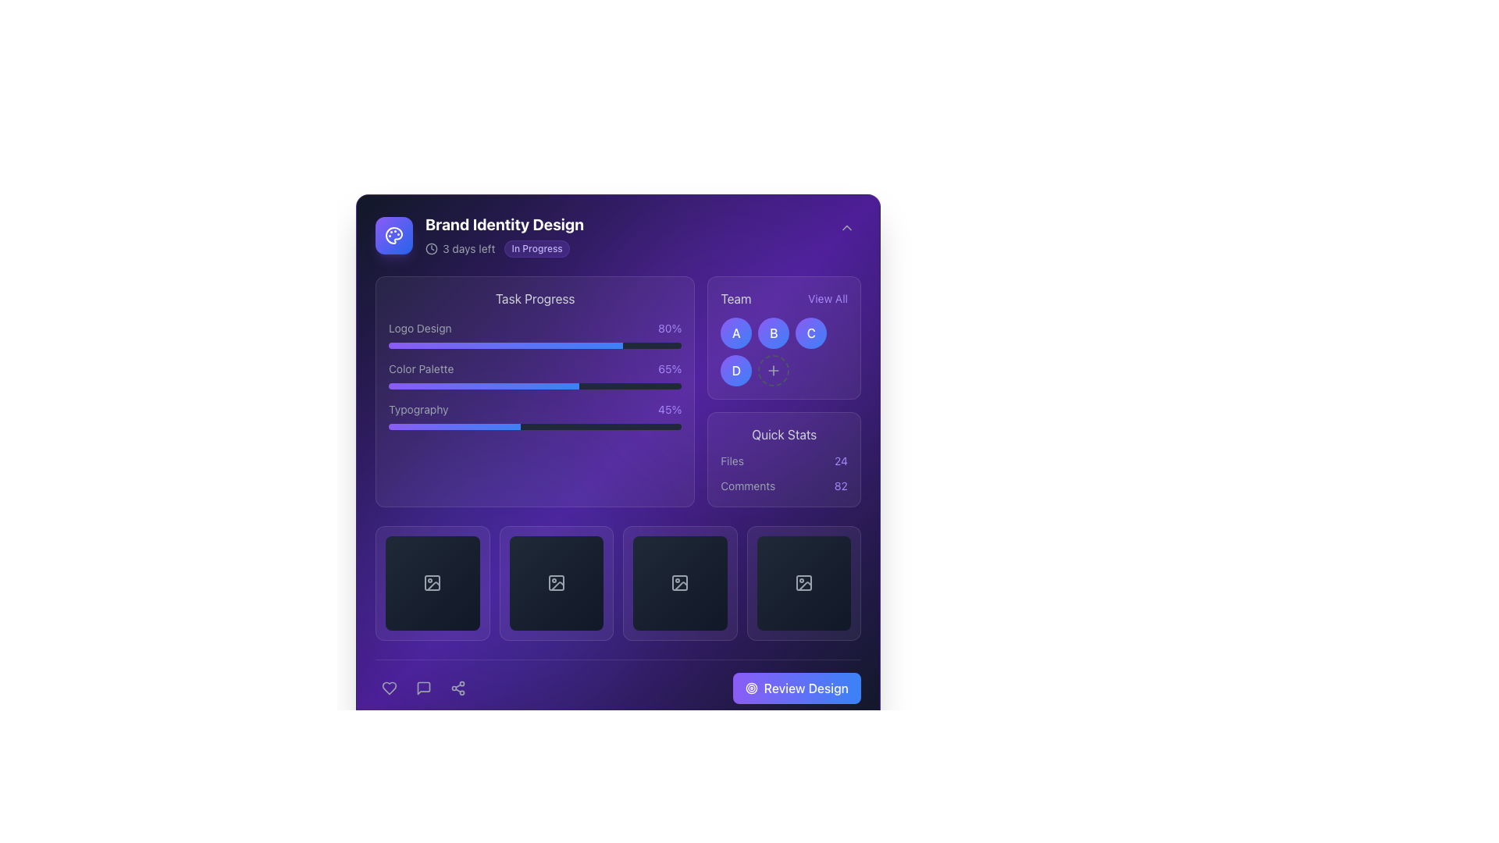 This screenshot has height=843, width=1499. What do you see at coordinates (680, 583) in the screenshot?
I see `the rounded rectangle icon placeholder located` at bounding box center [680, 583].